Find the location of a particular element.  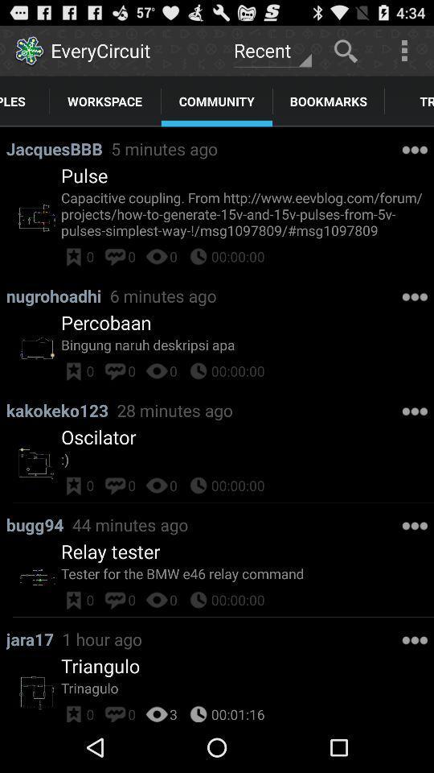

item below oscilator app is located at coordinates (248, 459).